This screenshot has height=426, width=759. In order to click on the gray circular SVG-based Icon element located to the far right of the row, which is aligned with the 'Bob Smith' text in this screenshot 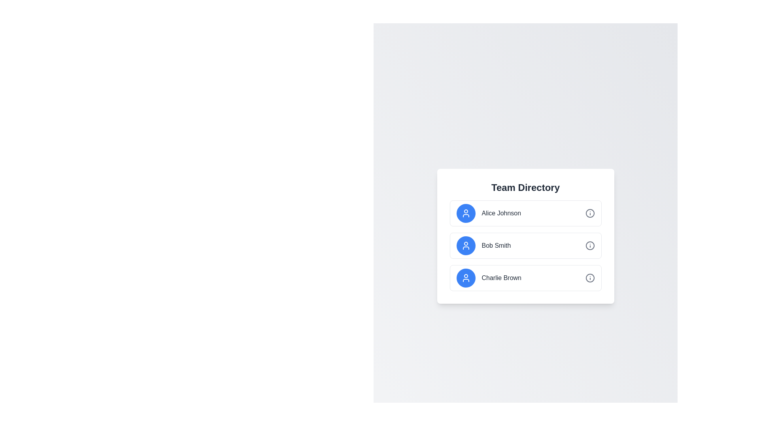, I will do `click(590, 245)`.